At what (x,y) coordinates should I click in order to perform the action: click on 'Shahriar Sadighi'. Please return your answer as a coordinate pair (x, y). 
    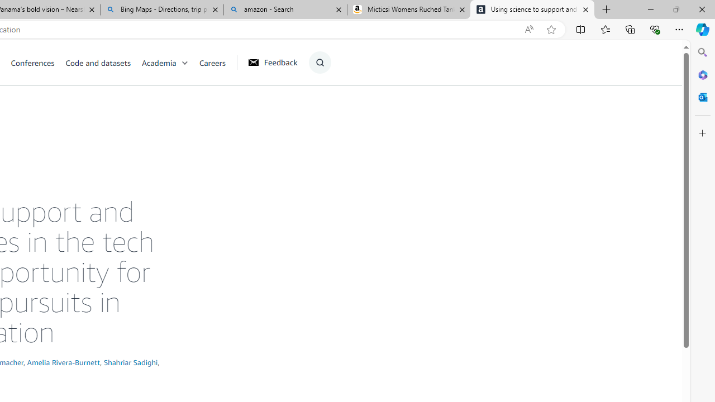
    Looking at the image, I should click on (131, 362).